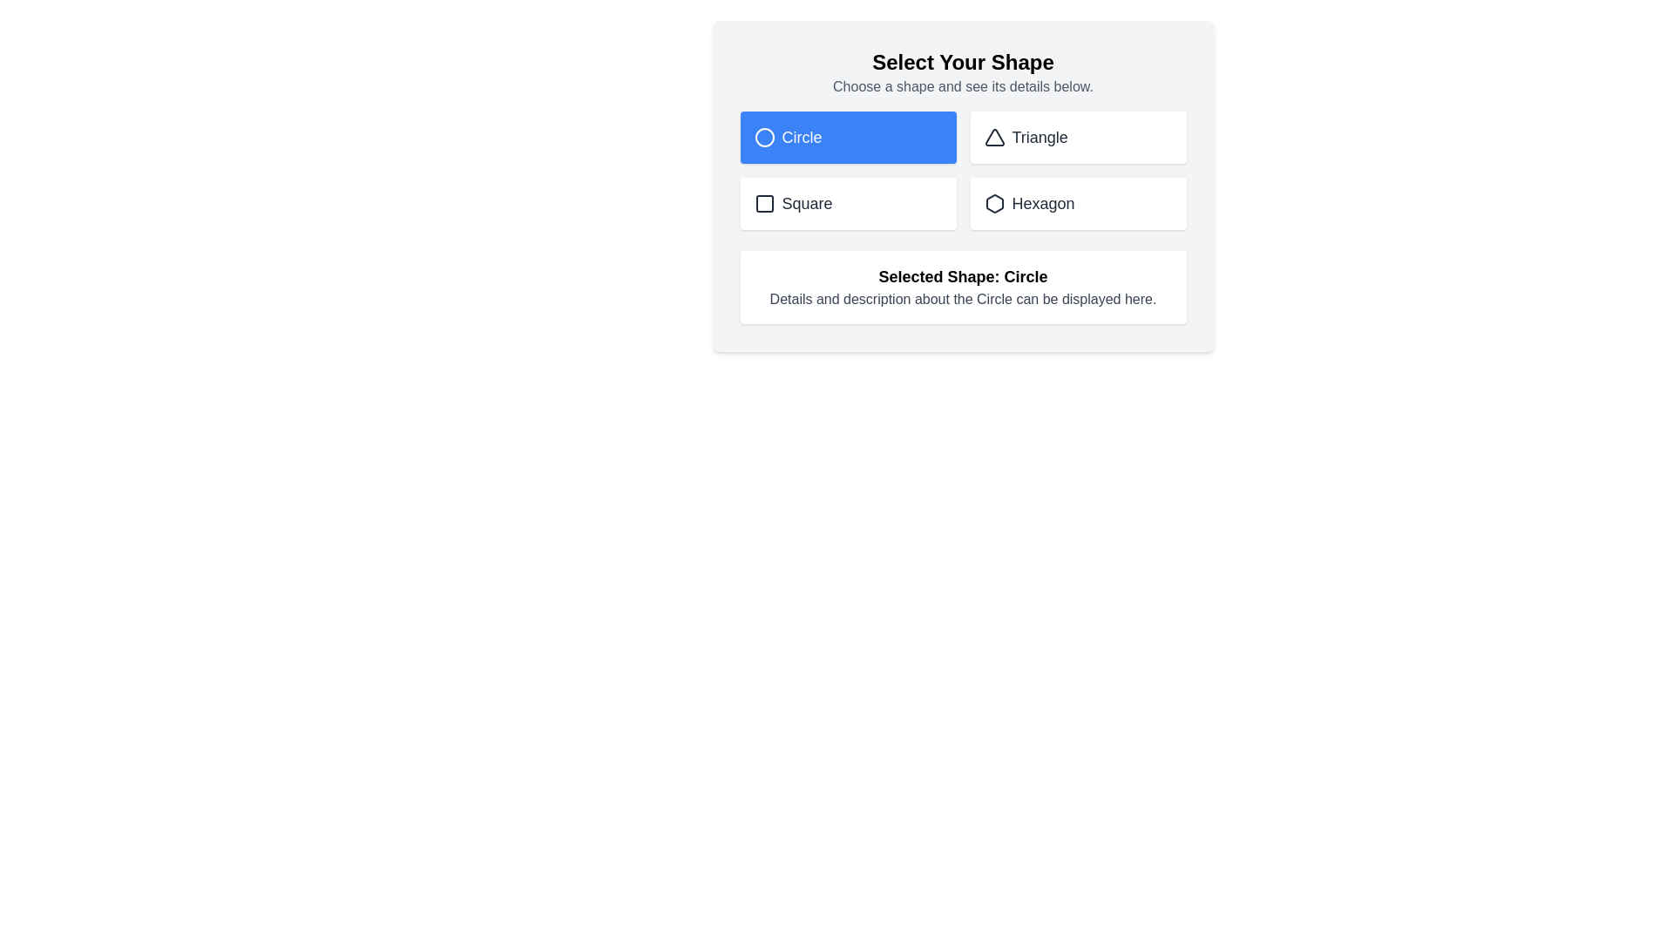 The height and width of the screenshot is (941, 1673). Describe the element at coordinates (764, 203) in the screenshot. I see `the 'Square' shape icon, which is the first component of the button labeled 'Square' in the shape selector grid` at that location.